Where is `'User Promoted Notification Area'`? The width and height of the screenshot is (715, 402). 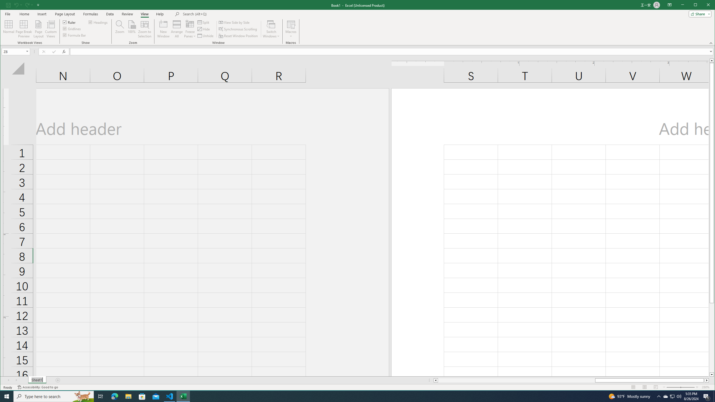
'User Promoted Notification Area' is located at coordinates (672, 396).